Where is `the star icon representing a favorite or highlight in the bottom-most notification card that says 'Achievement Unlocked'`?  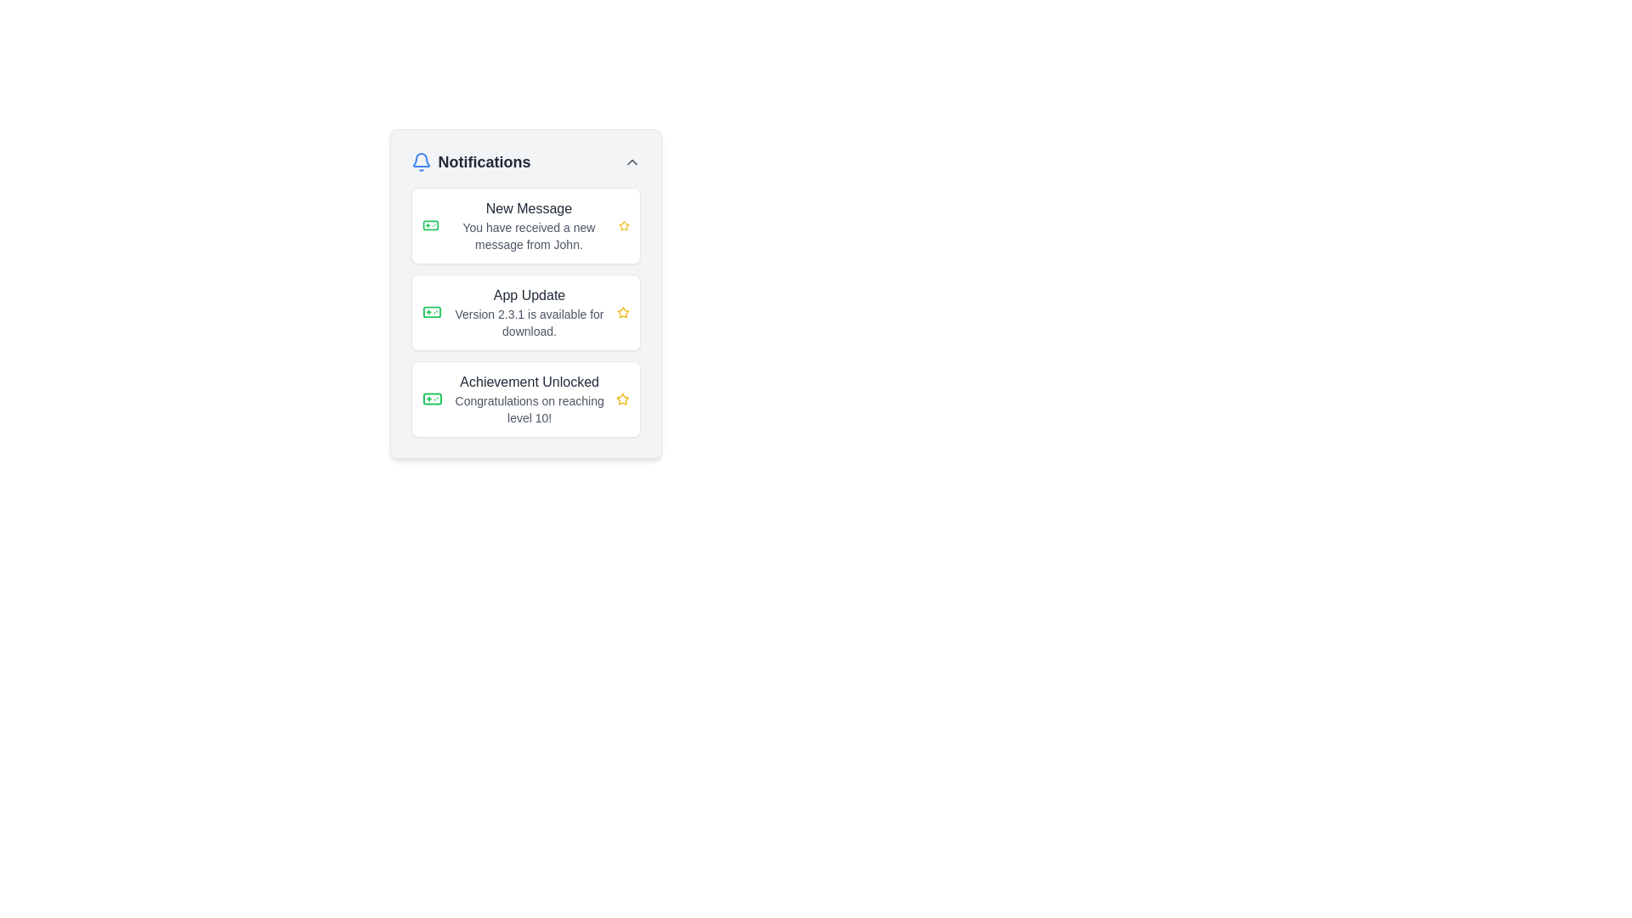
the star icon representing a favorite or highlight in the bottom-most notification card that says 'Achievement Unlocked' is located at coordinates (621, 399).